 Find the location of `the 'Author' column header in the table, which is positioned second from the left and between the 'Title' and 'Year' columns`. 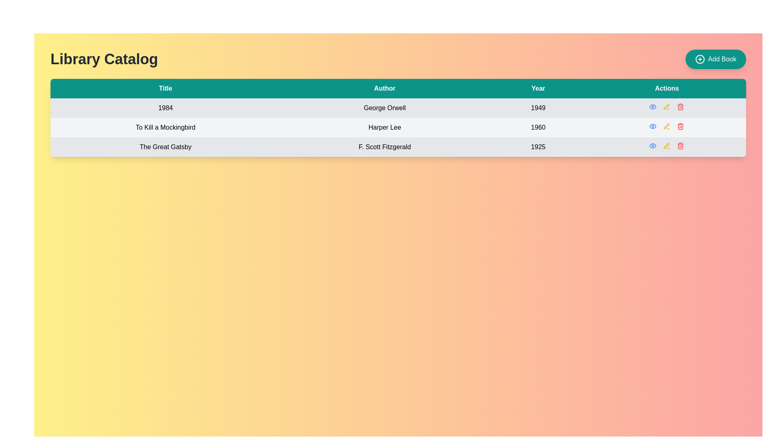

the 'Author' column header in the table, which is positioned second from the left and between the 'Title' and 'Year' columns is located at coordinates (384, 89).